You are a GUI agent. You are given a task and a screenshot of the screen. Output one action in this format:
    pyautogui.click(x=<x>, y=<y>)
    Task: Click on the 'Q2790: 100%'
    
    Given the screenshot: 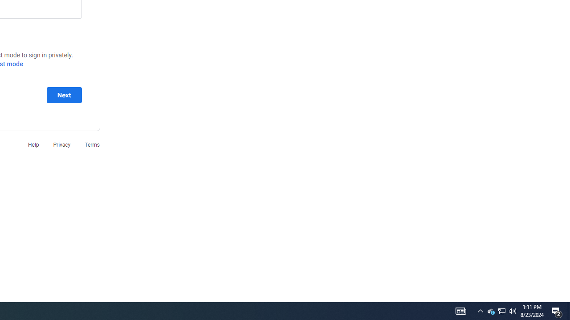 What is the action you would take?
    pyautogui.click(x=513, y=310)
    